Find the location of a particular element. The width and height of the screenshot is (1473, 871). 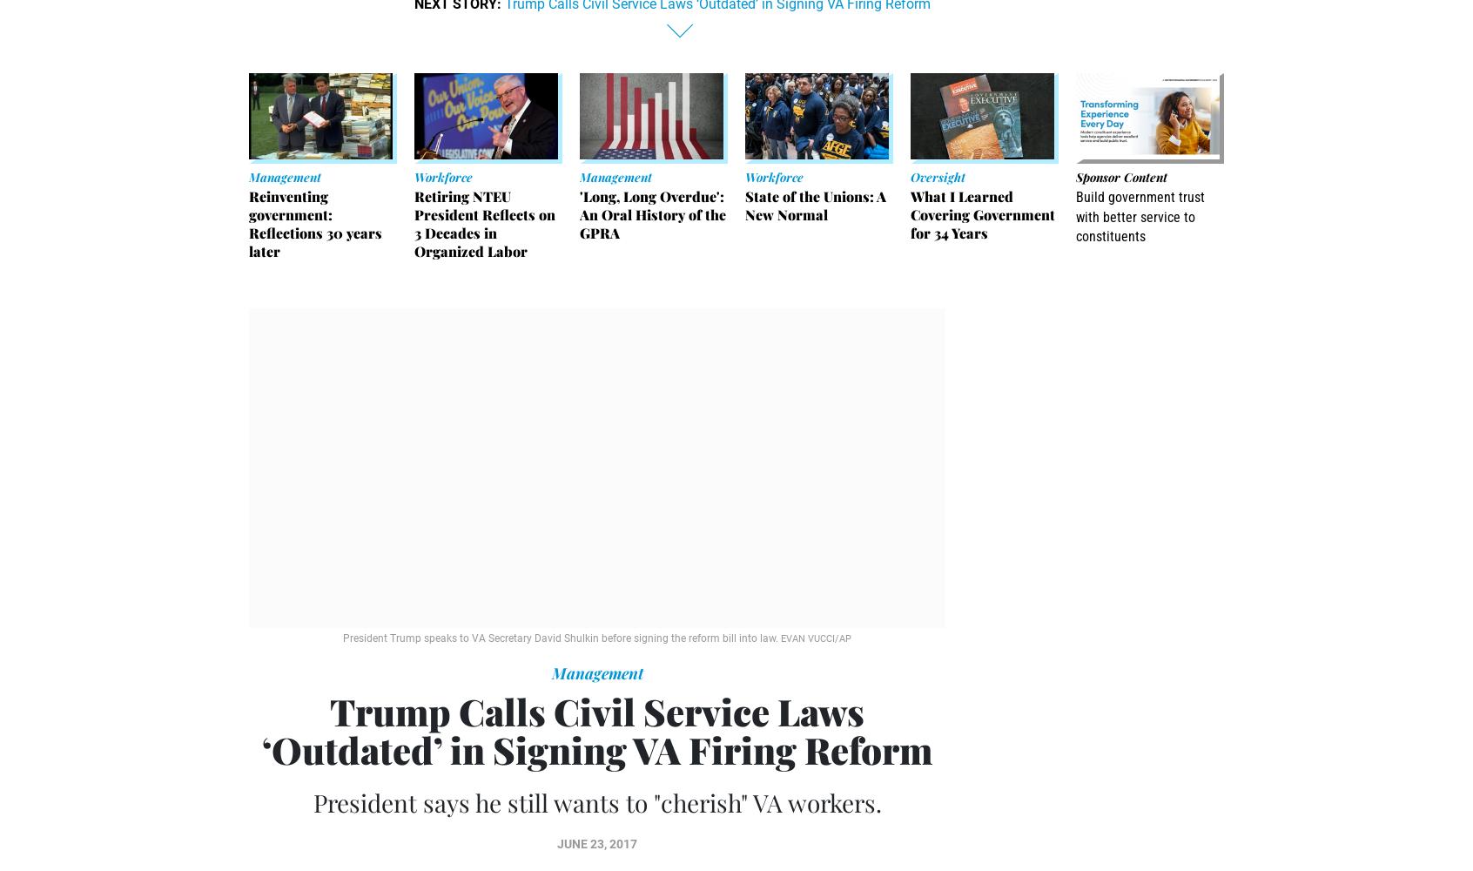

'Sponsor Message' is located at coordinates (1093, 312).